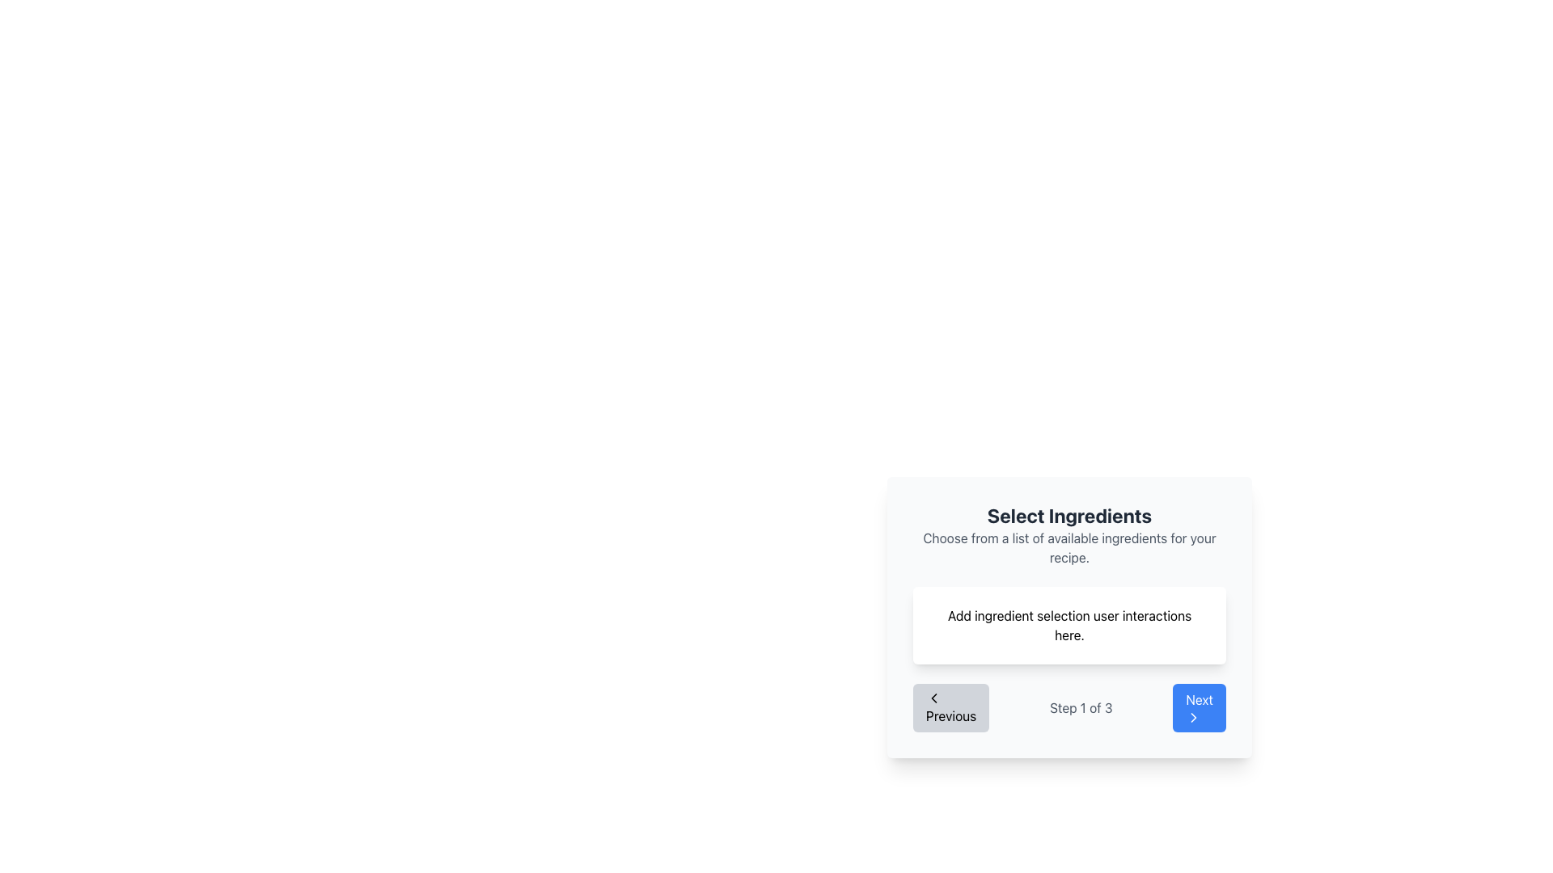  I want to click on the text label stating 'Choose from a list of available ingredients for your recipe.', which is styled in a smaller light gray font and positioned below the heading 'Select Ingredients', so click(1069, 547).